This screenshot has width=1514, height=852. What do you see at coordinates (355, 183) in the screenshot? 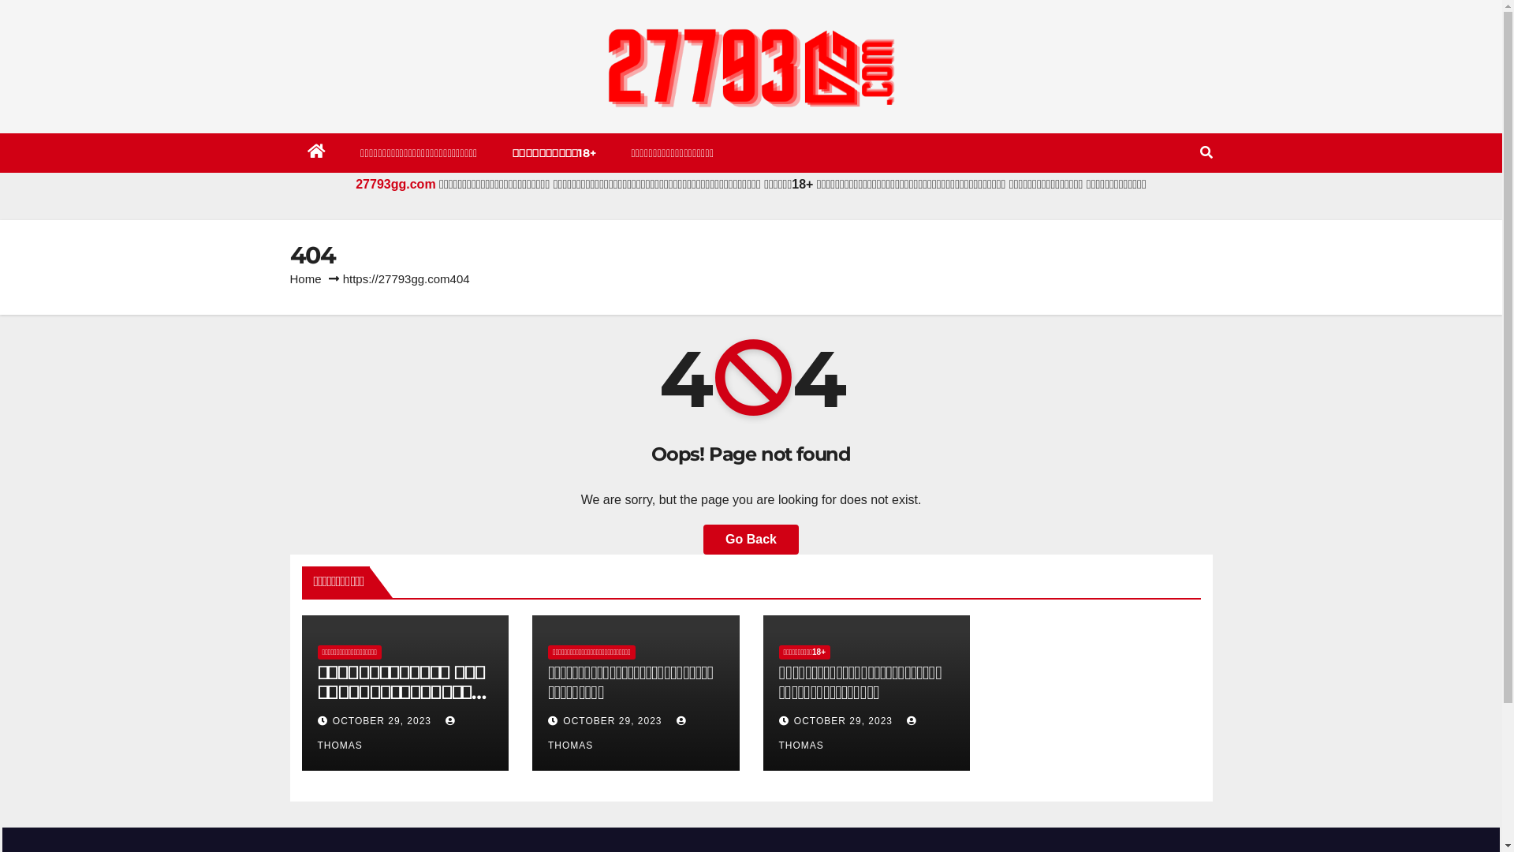
I see `'27793gg.com'` at bounding box center [355, 183].